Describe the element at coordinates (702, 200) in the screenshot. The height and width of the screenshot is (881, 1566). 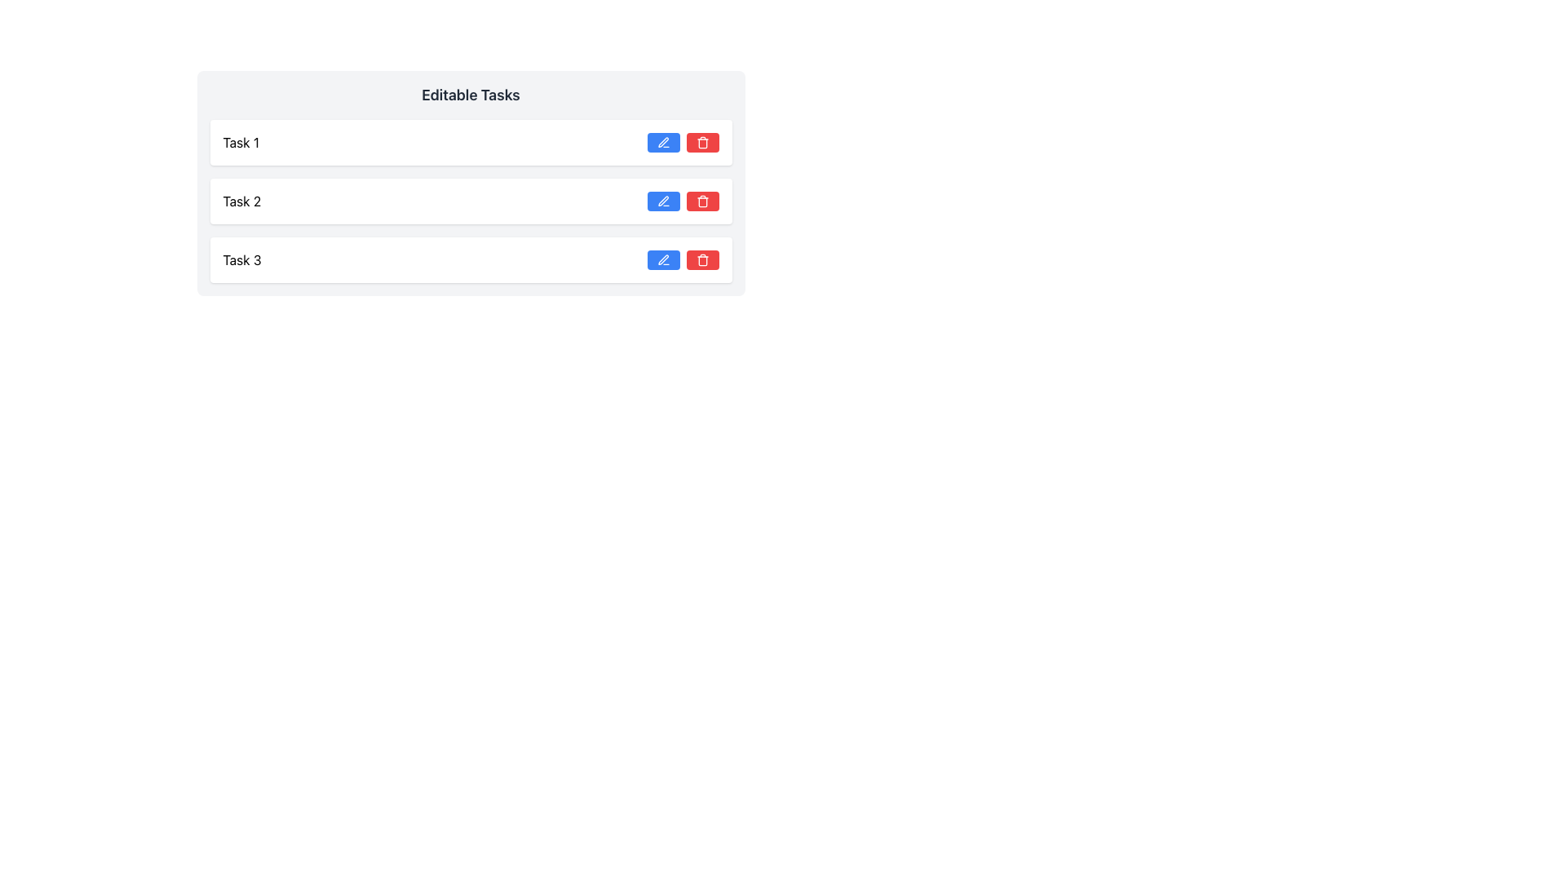
I see `the delete button with a red background and a trash bin icon, located as the second button in a horizontal group aligned to the right side of a task row` at that location.